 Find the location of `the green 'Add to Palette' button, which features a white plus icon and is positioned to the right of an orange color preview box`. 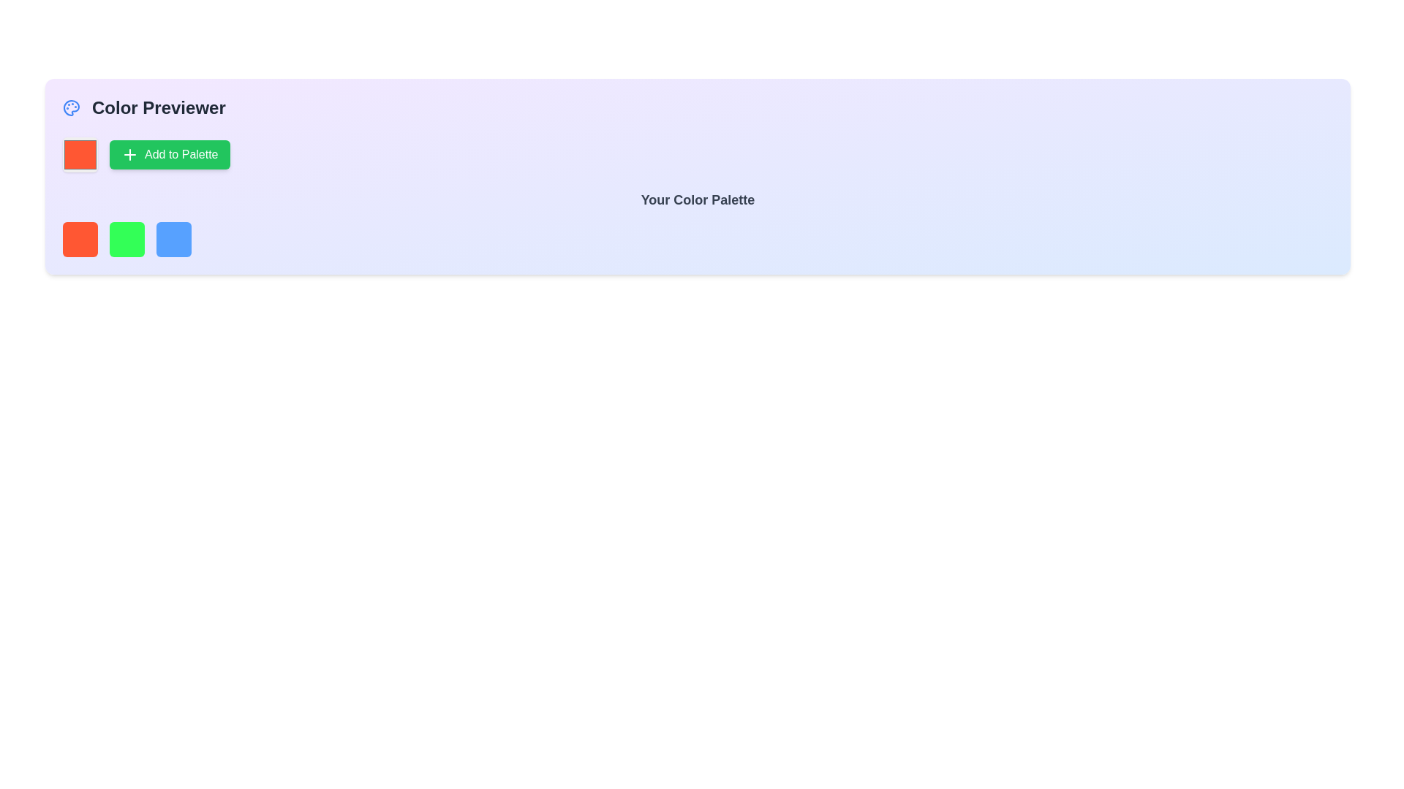

the green 'Add to Palette' button, which features a white plus icon and is positioned to the right of an orange color preview box is located at coordinates (169, 155).